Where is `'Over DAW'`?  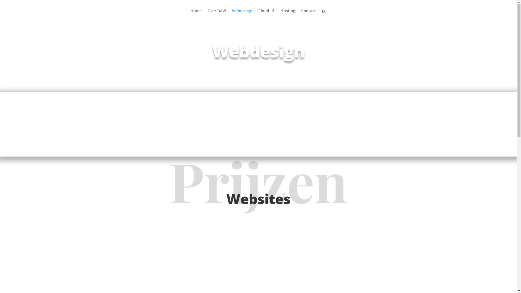 'Over DAW' is located at coordinates (216, 15).